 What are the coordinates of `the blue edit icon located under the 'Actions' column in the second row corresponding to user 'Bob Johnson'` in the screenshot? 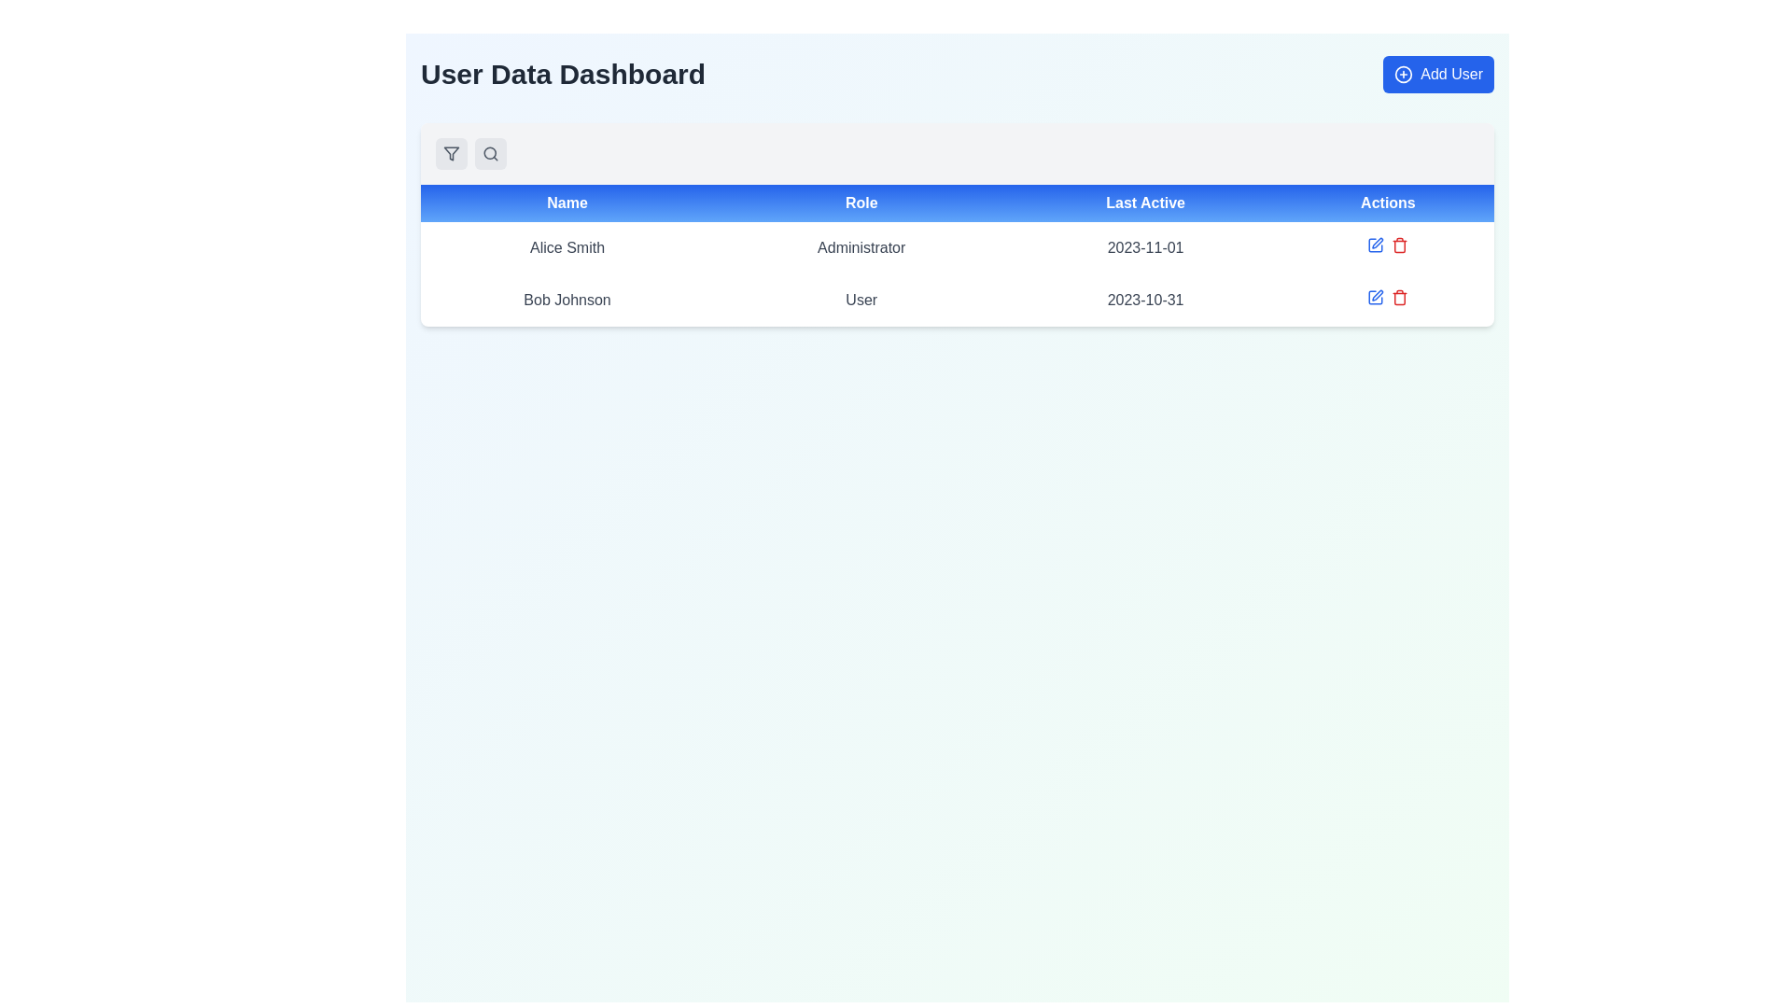 It's located at (1388, 297).